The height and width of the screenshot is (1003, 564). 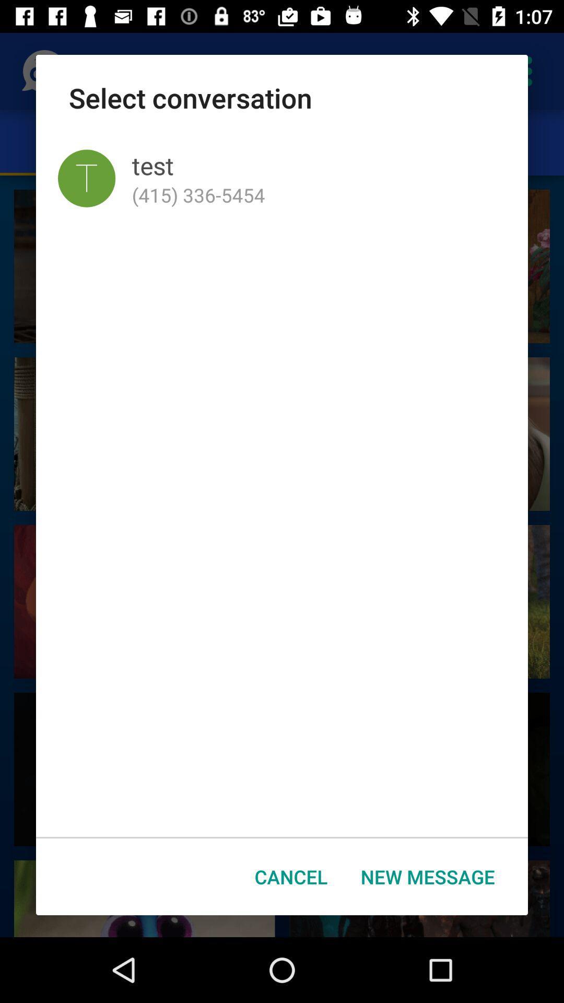 I want to click on the new message button, so click(x=428, y=877).